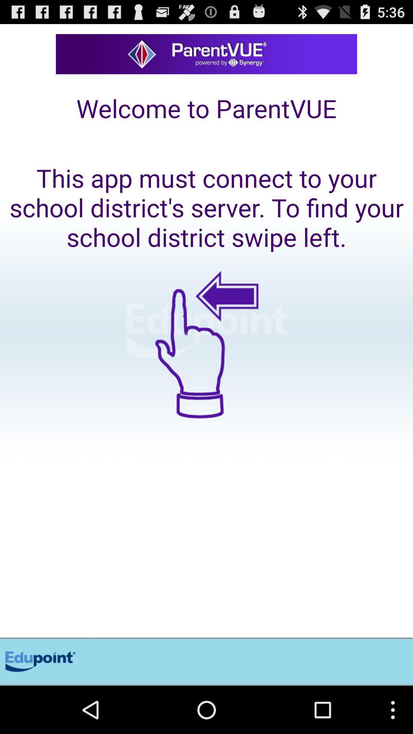 Image resolution: width=413 pixels, height=734 pixels. Describe the element at coordinates (206, 445) in the screenshot. I see `swipe left to find out more` at that location.